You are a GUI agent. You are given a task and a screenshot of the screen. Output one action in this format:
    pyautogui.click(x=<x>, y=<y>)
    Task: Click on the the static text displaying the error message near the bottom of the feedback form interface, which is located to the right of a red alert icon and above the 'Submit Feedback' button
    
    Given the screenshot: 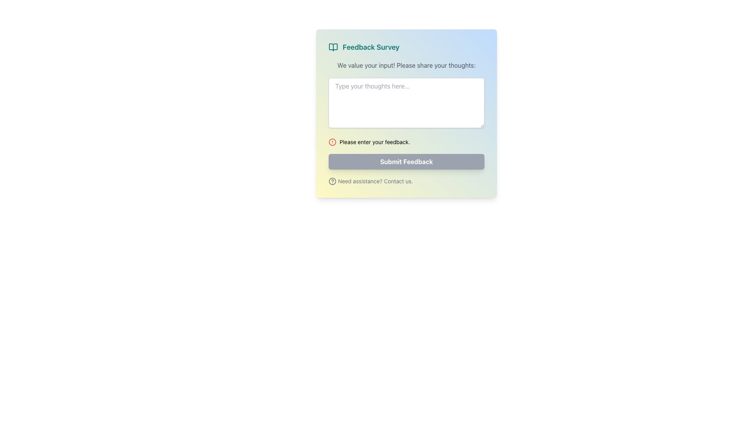 What is the action you would take?
    pyautogui.click(x=374, y=142)
    